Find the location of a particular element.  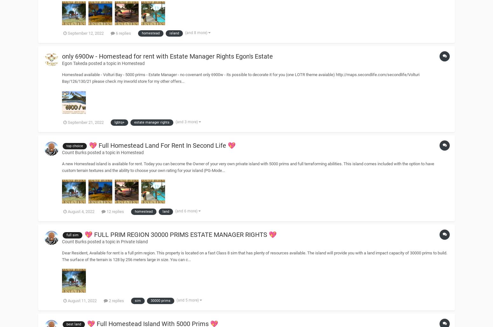

'(and 6 more)' is located at coordinates (175, 211).